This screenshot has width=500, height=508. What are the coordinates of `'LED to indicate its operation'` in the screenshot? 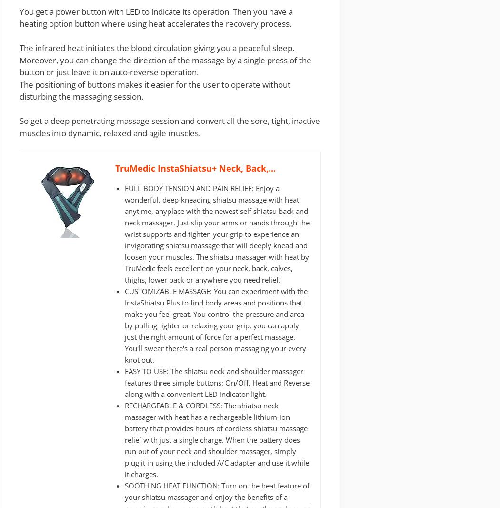 It's located at (177, 10).